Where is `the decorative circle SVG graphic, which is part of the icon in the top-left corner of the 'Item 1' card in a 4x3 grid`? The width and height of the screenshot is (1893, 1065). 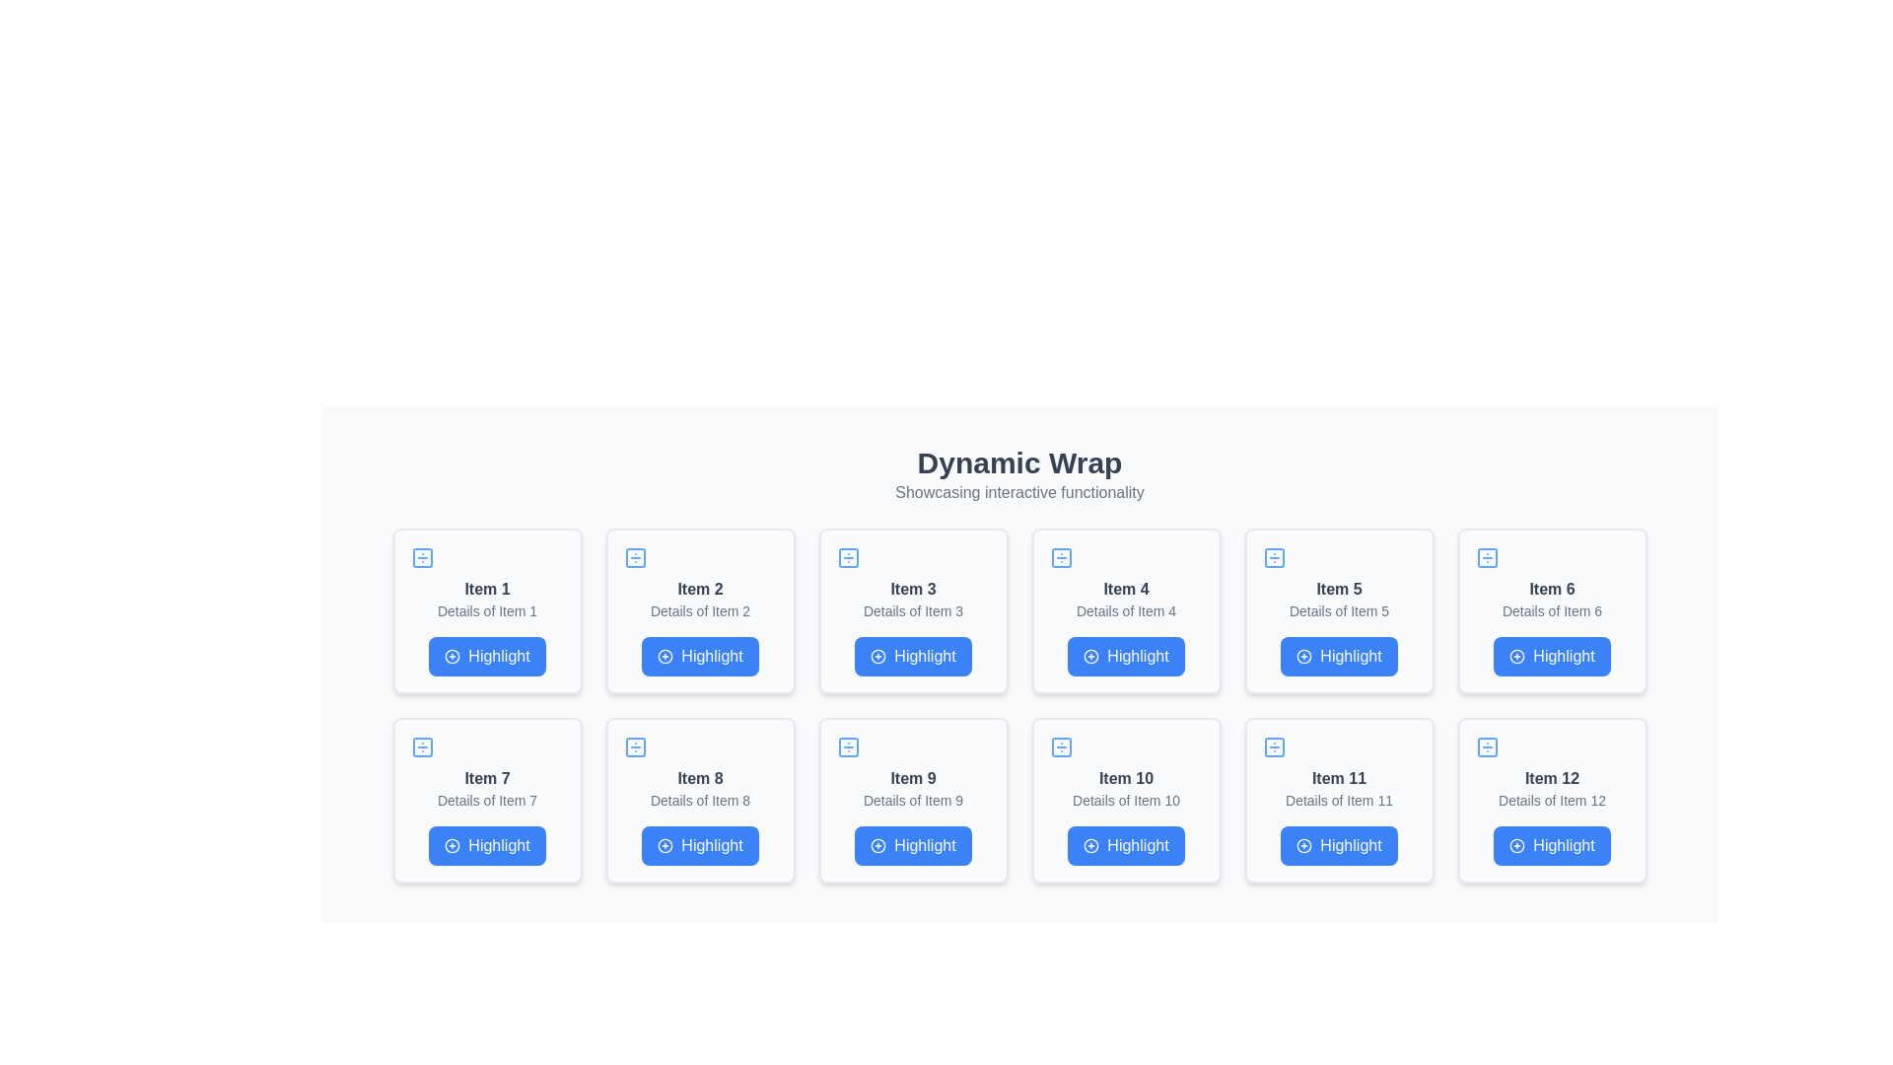 the decorative circle SVG graphic, which is part of the icon in the top-left corner of the 'Item 1' card in a 4x3 grid is located at coordinates (452, 657).